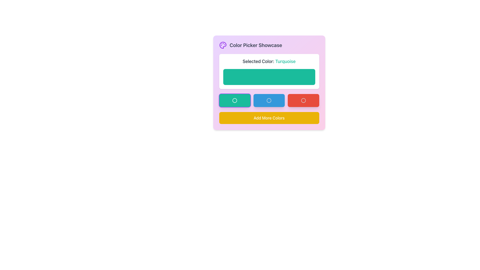 The width and height of the screenshot is (480, 270). Describe the element at coordinates (303, 100) in the screenshot. I see `the third circular icon with a red border and background` at that location.